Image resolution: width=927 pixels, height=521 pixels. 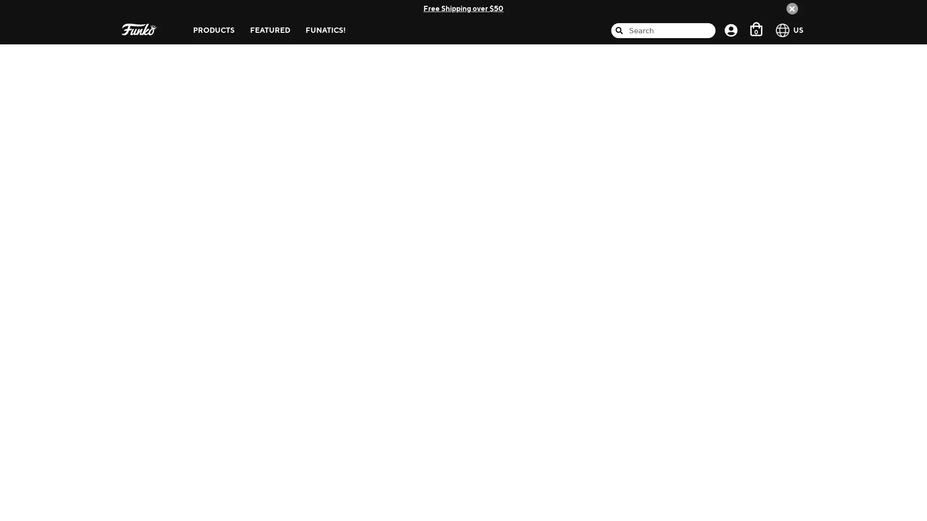 I want to click on select country US, so click(x=791, y=29).